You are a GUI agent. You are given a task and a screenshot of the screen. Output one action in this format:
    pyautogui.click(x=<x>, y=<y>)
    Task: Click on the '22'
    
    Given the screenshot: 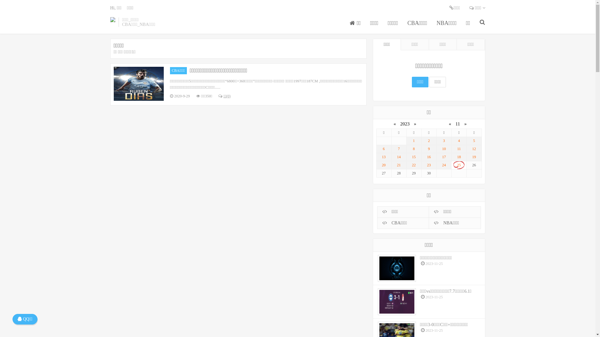 What is the action you would take?
    pyautogui.click(x=414, y=165)
    